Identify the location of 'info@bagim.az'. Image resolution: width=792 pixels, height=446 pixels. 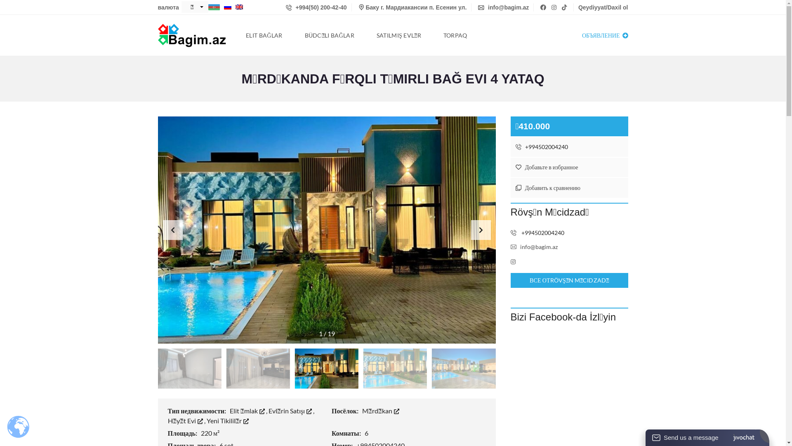
(534, 246).